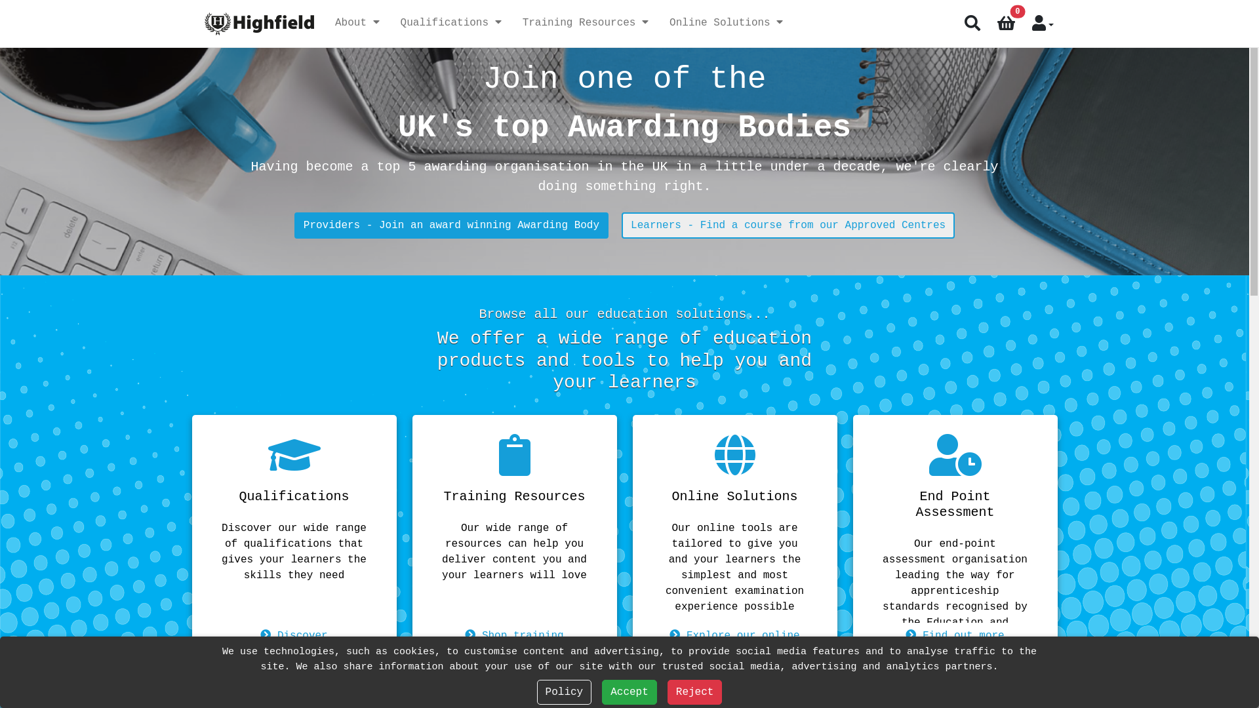  What do you see at coordinates (564, 692) in the screenshot?
I see `'Policy'` at bounding box center [564, 692].